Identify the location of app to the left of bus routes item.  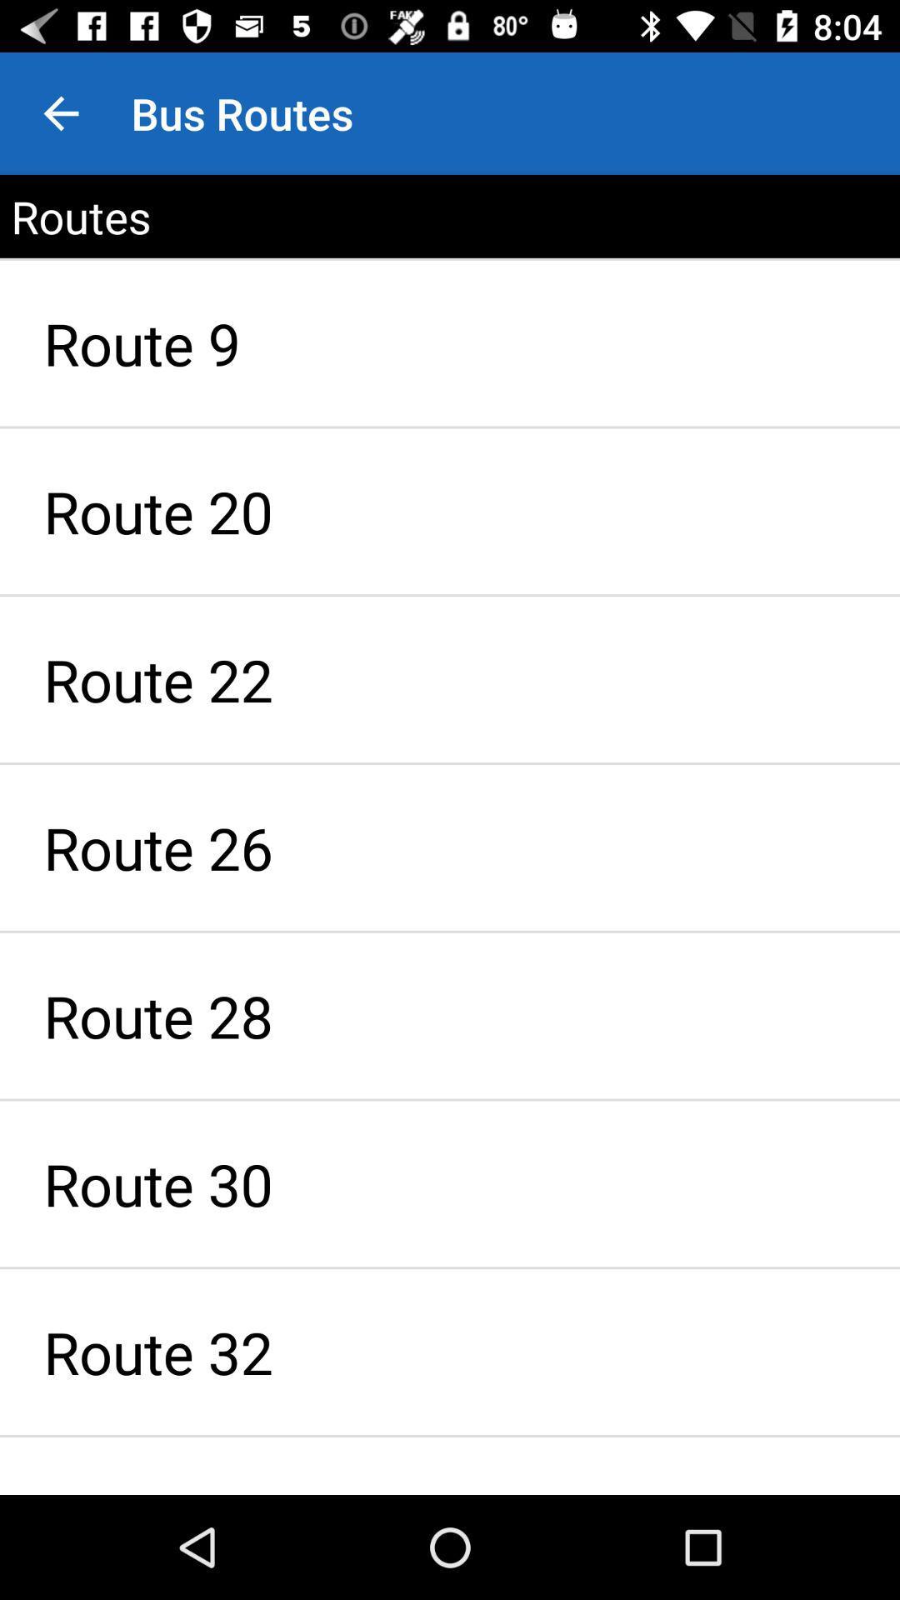
(60, 112).